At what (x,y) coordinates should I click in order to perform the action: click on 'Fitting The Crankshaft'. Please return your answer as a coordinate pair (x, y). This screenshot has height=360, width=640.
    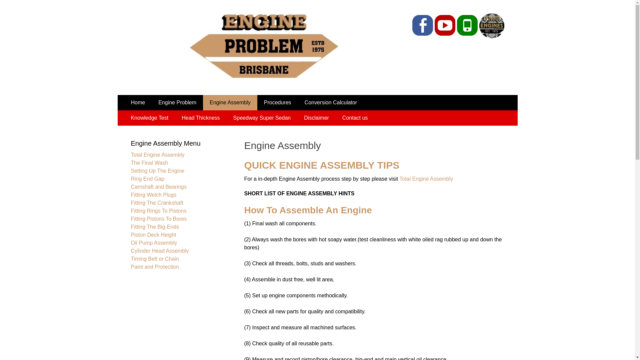
    Looking at the image, I should click on (156, 202).